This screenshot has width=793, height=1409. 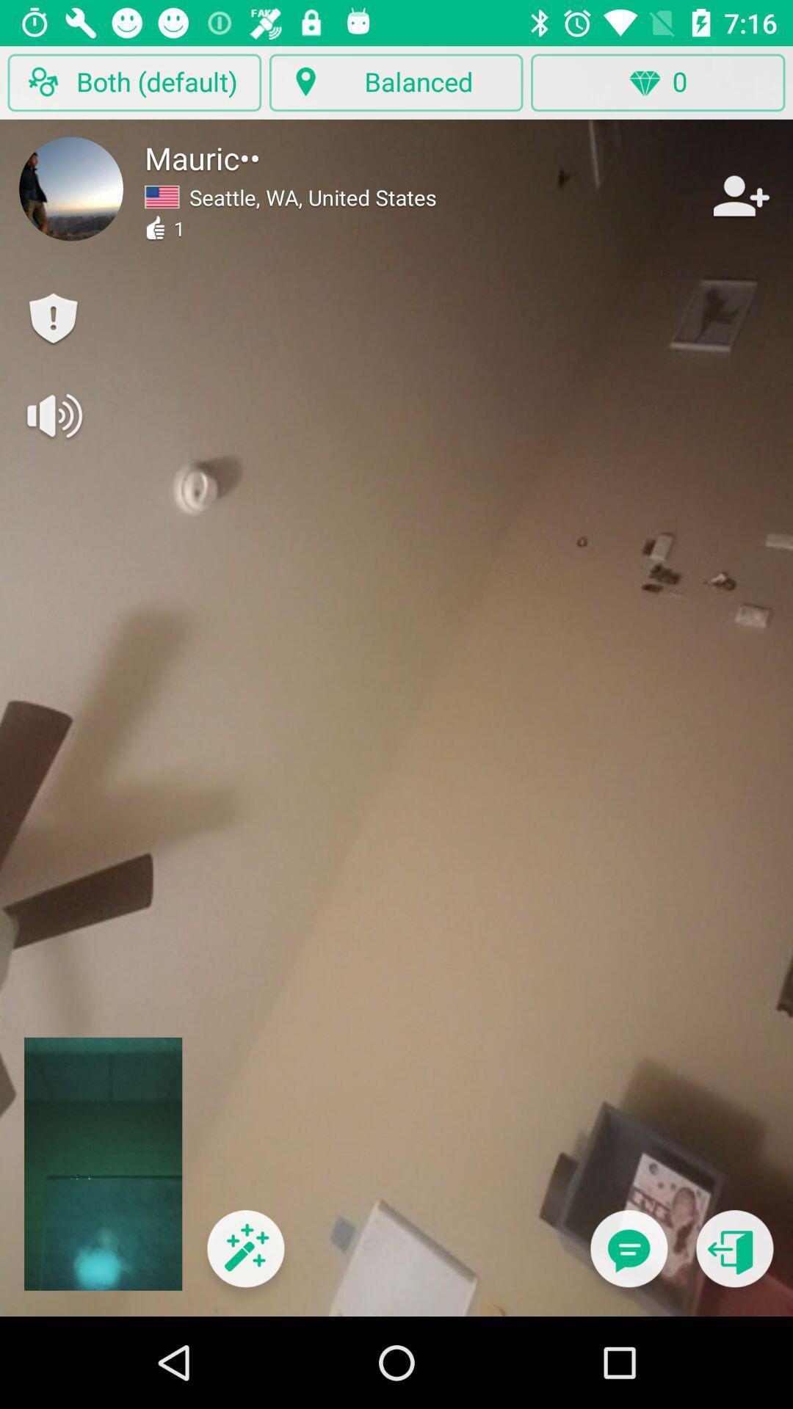 I want to click on user profile, so click(x=71, y=188).